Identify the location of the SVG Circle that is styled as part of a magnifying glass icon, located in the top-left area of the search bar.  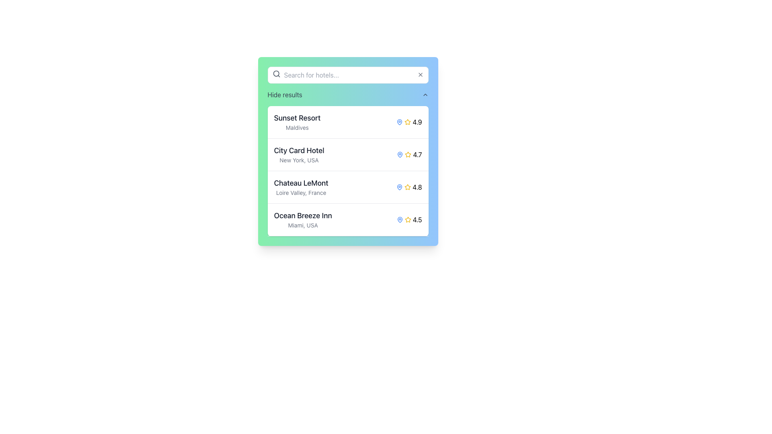
(276, 74).